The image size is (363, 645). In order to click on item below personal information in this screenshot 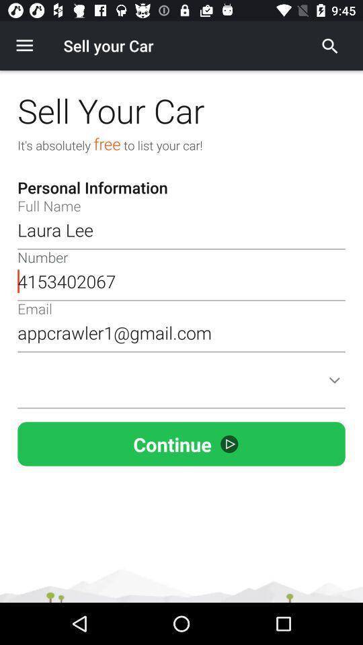, I will do `click(182, 230)`.